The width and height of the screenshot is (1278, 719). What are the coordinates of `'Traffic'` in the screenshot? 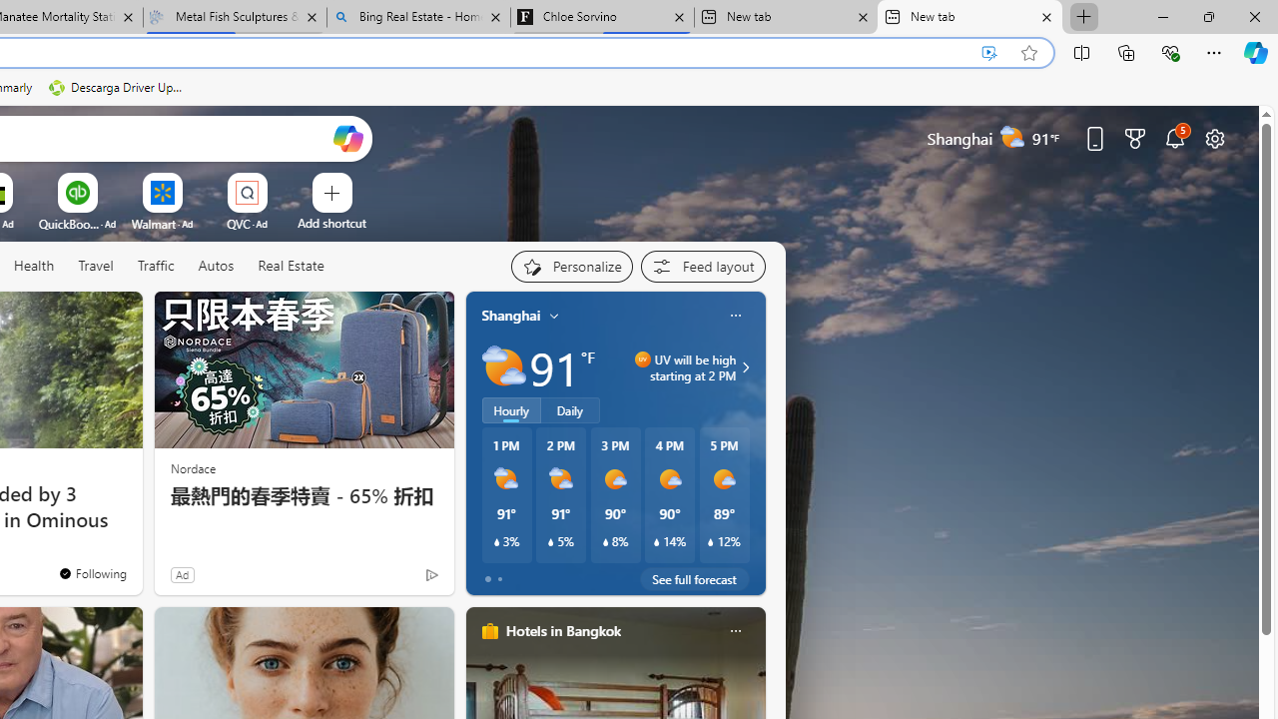 It's located at (154, 265).